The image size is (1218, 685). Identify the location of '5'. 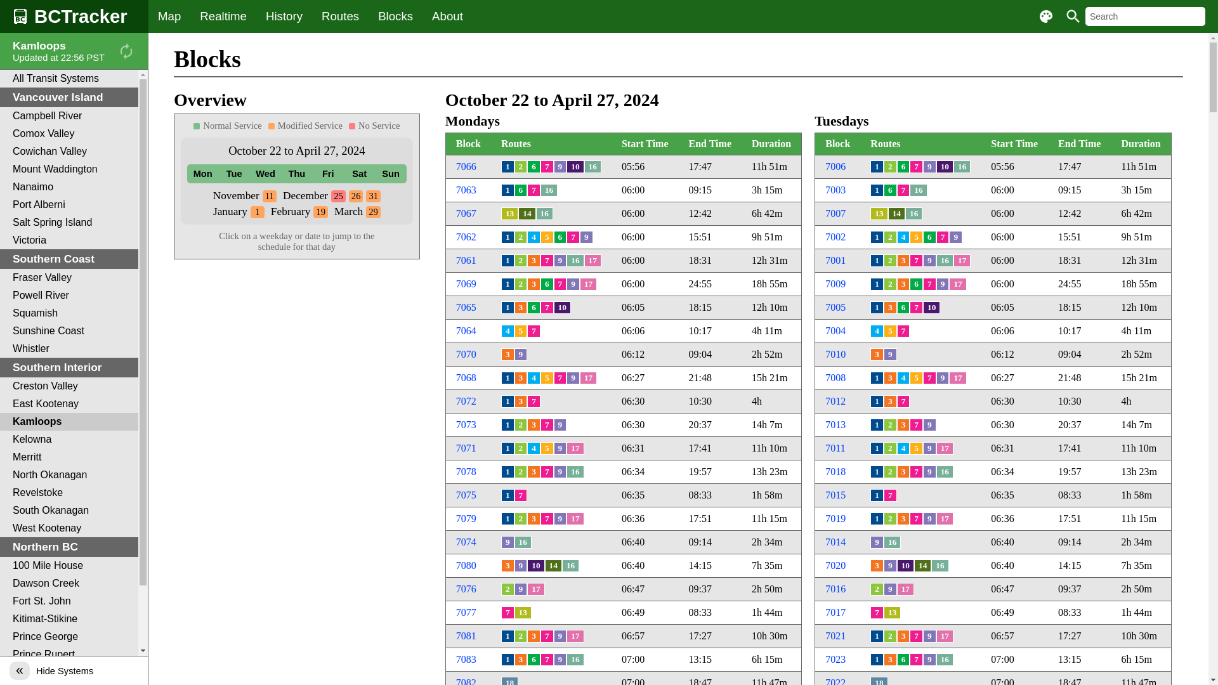
(547, 447).